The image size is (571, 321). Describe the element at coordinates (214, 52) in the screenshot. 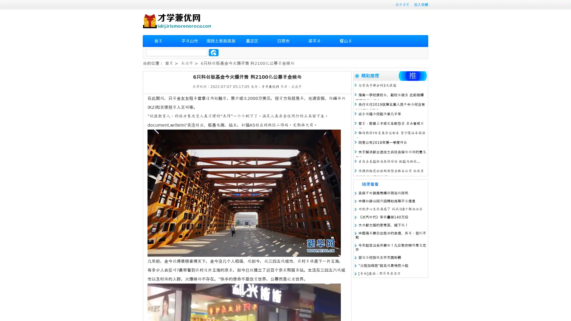

I see `Search` at that location.